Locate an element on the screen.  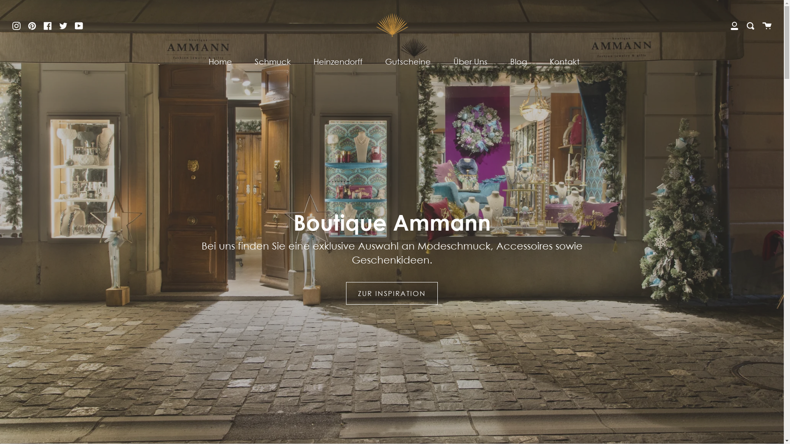
'Instagram' is located at coordinates (16, 25).